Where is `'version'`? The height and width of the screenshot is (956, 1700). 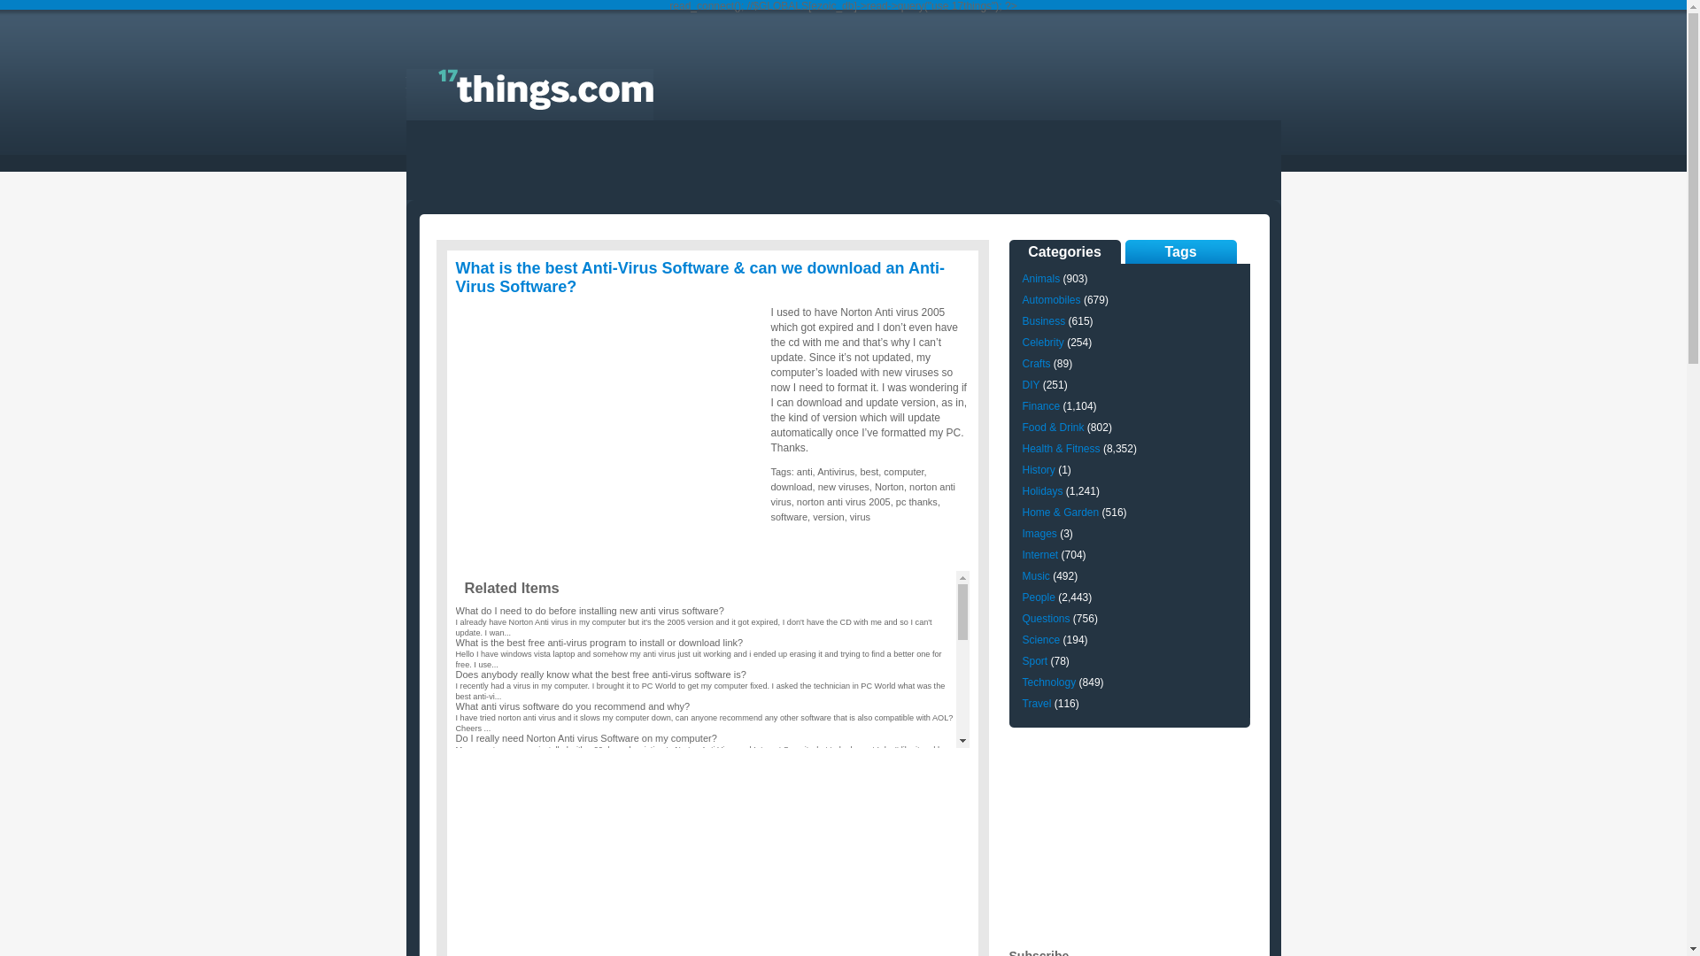 'version' is located at coordinates (827, 516).